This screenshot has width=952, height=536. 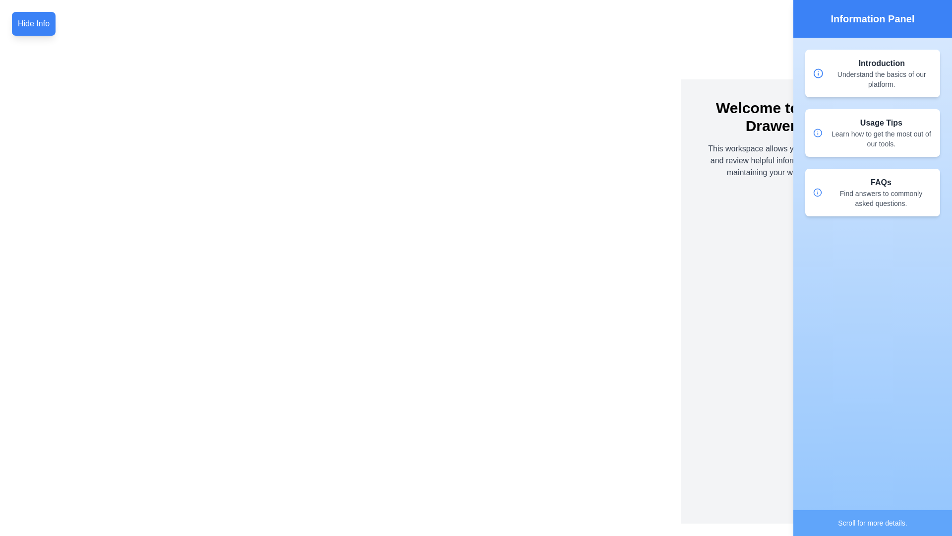 What do you see at coordinates (881, 193) in the screenshot?
I see `the third informational card in the right-side 'Information Panel' section, which provides access to frequently asked questions` at bounding box center [881, 193].